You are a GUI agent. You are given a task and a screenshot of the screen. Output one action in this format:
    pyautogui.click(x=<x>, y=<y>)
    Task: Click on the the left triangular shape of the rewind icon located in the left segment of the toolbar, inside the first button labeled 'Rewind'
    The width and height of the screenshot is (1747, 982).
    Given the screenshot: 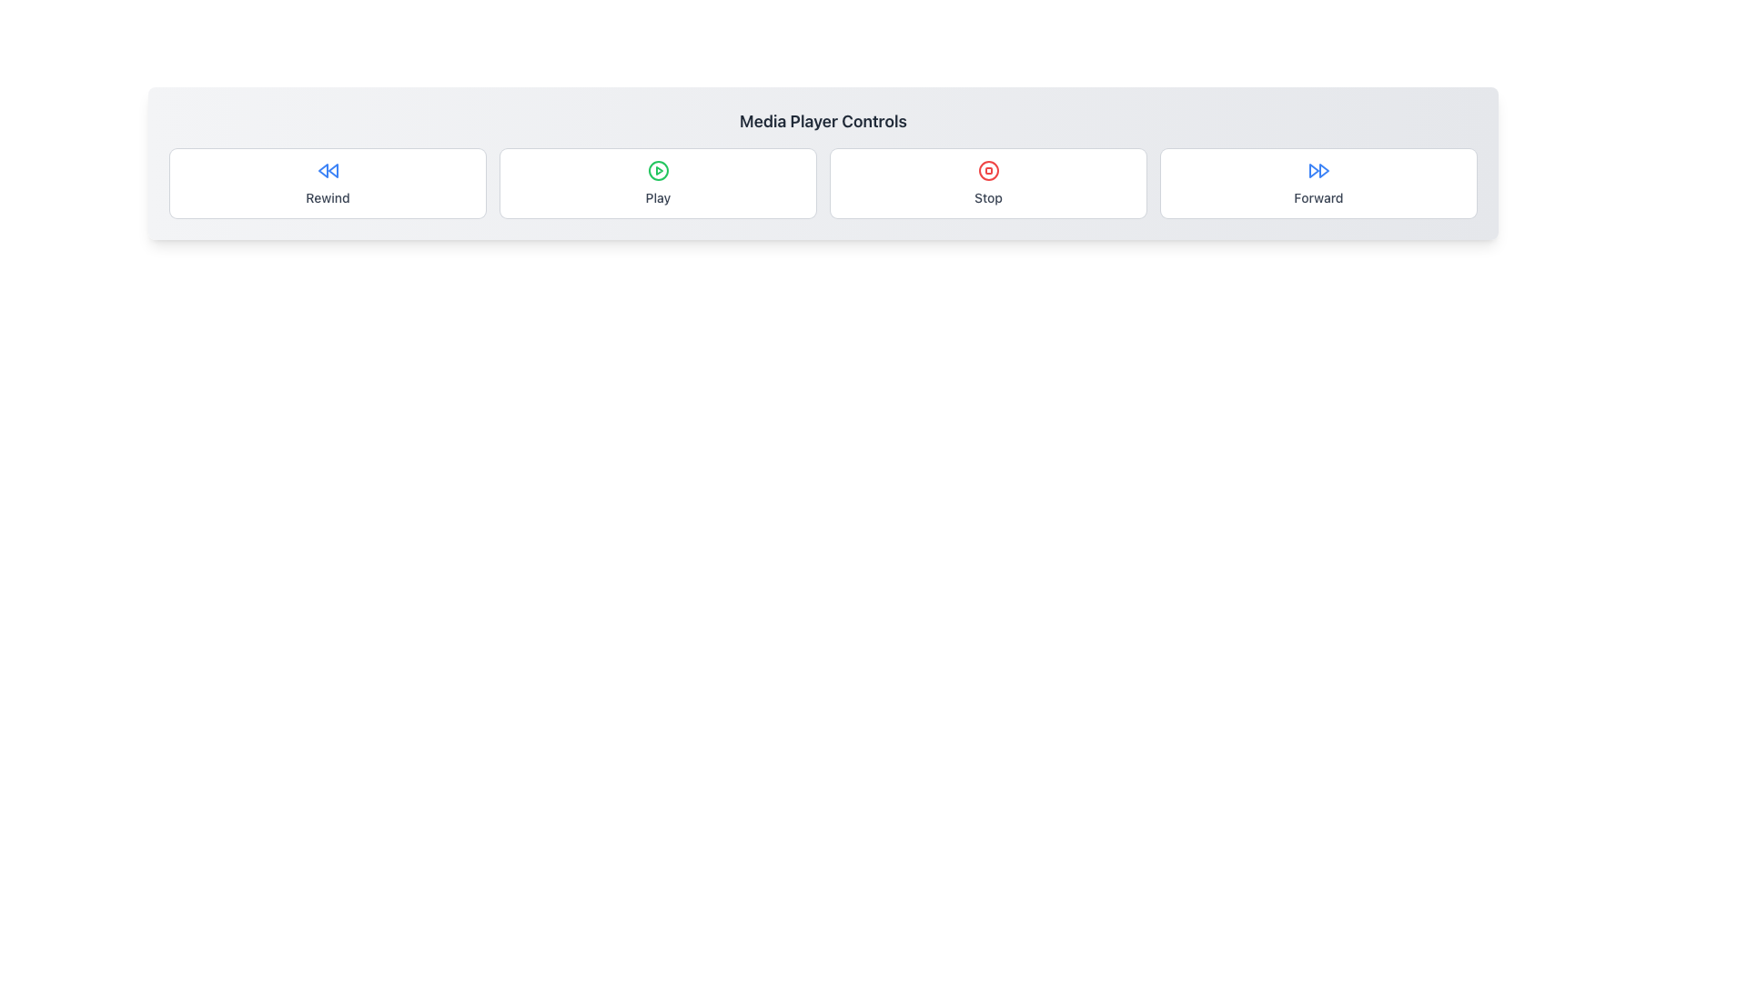 What is the action you would take?
    pyautogui.click(x=323, y=171)
    